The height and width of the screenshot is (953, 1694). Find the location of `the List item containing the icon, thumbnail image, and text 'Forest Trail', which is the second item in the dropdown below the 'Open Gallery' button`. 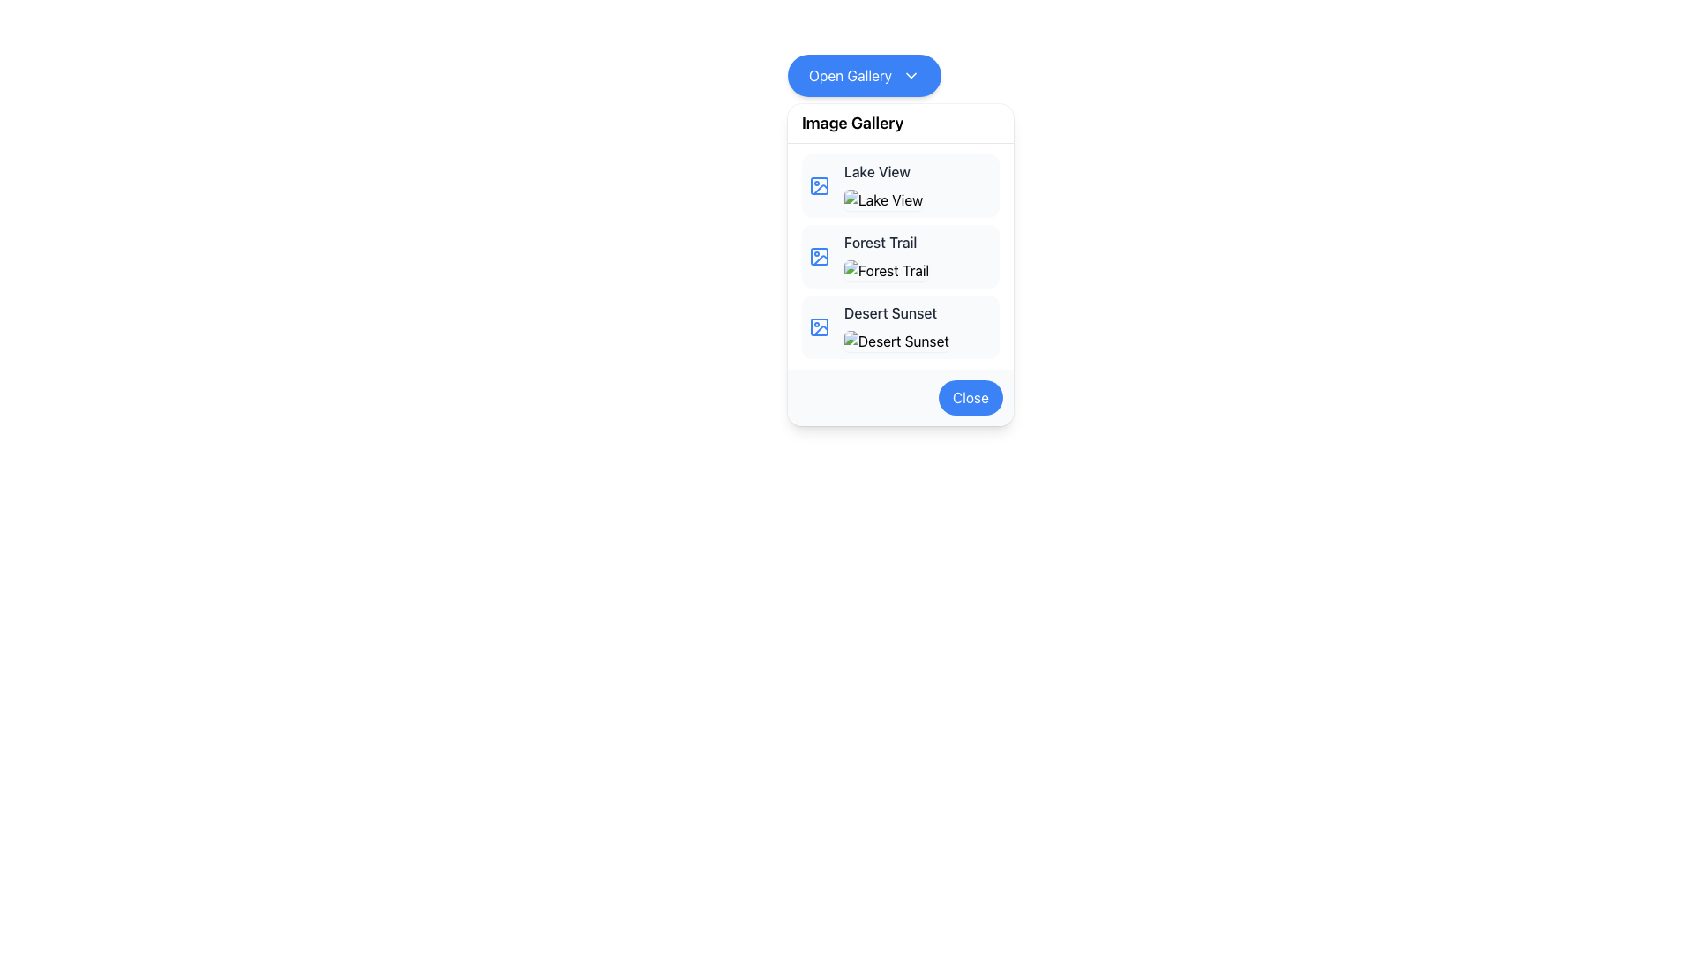

the List item containing the icon, thumbnail image, and text 'Forest Trail', which is the second item in the dropdown below the 'Open Gallery' button is located at coordinates (900, 265).